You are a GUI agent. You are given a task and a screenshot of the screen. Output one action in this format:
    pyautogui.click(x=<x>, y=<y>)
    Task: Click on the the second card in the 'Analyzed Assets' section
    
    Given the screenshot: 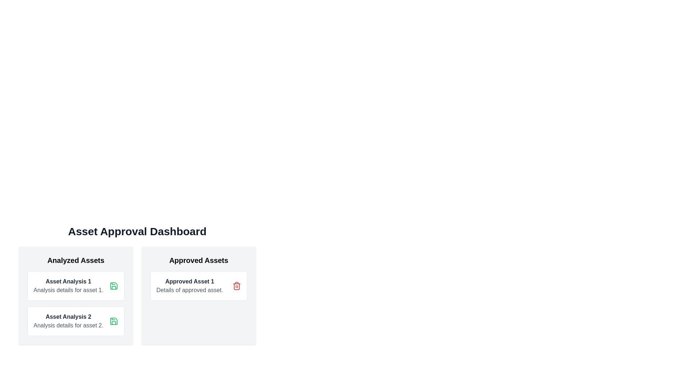 What is the action you would take?
    pyautogui.click(x=76, y=321)
    